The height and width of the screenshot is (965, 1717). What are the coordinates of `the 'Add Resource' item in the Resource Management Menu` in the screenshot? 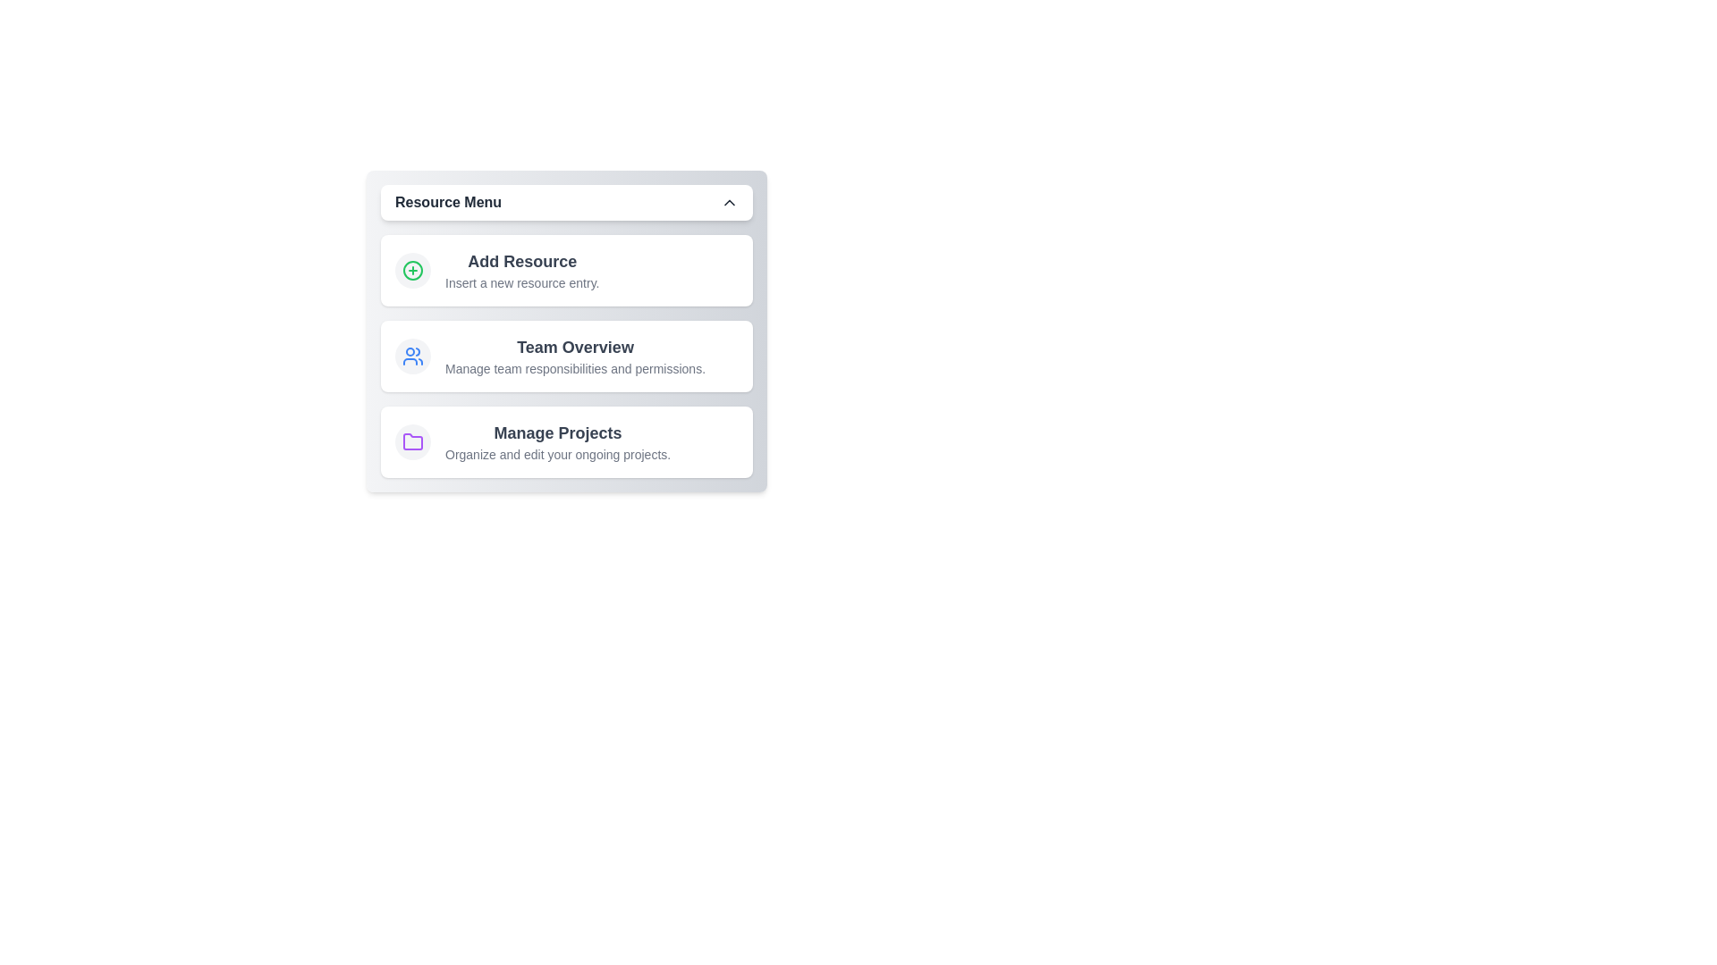 It's located at (565, 271).